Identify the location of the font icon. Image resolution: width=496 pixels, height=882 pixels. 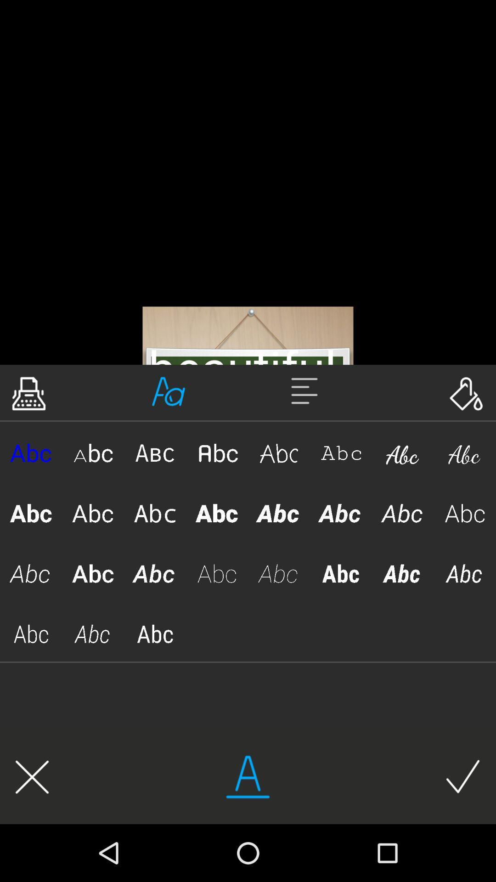
(169, 391).